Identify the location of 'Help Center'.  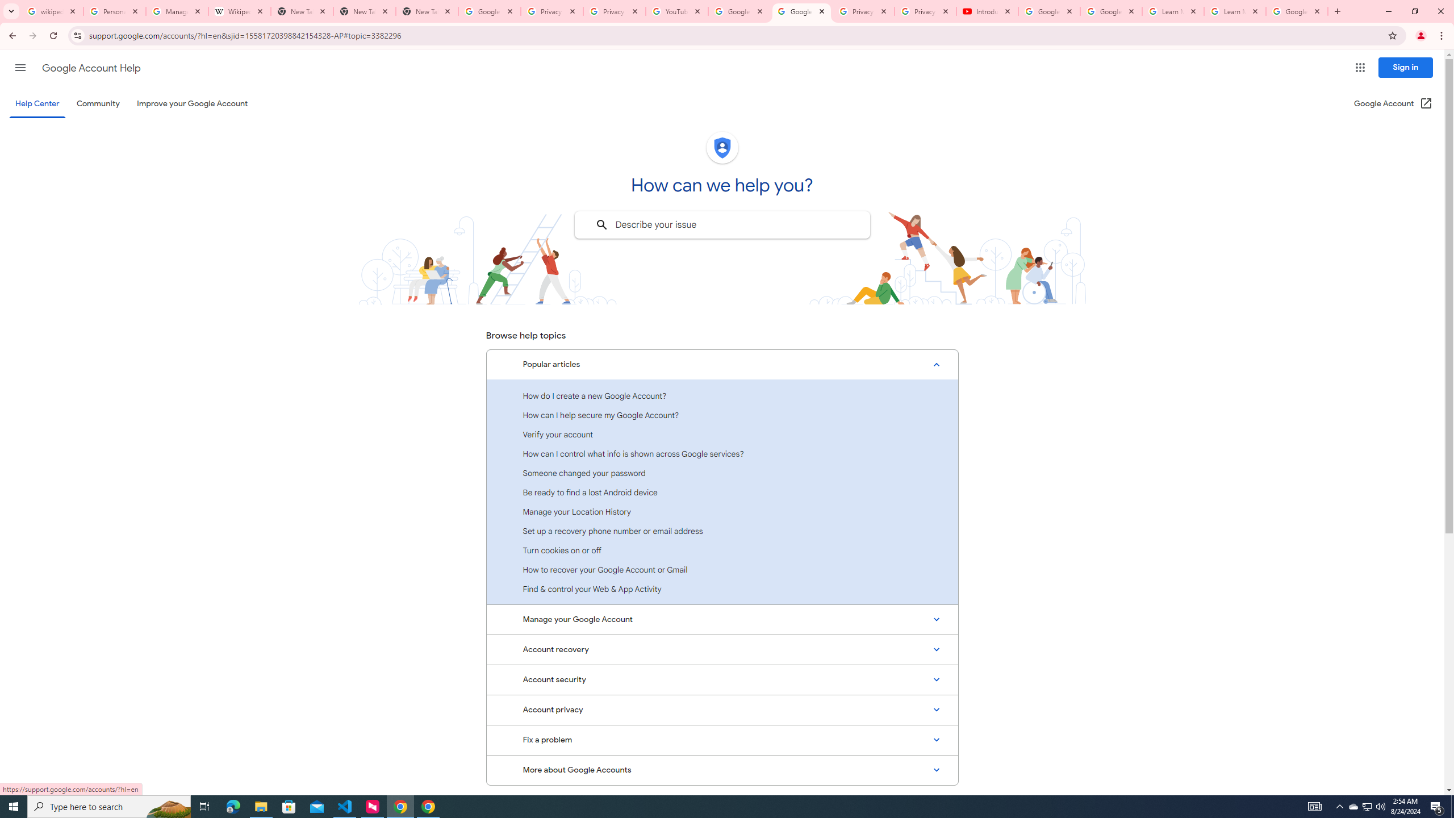
(37, 103).